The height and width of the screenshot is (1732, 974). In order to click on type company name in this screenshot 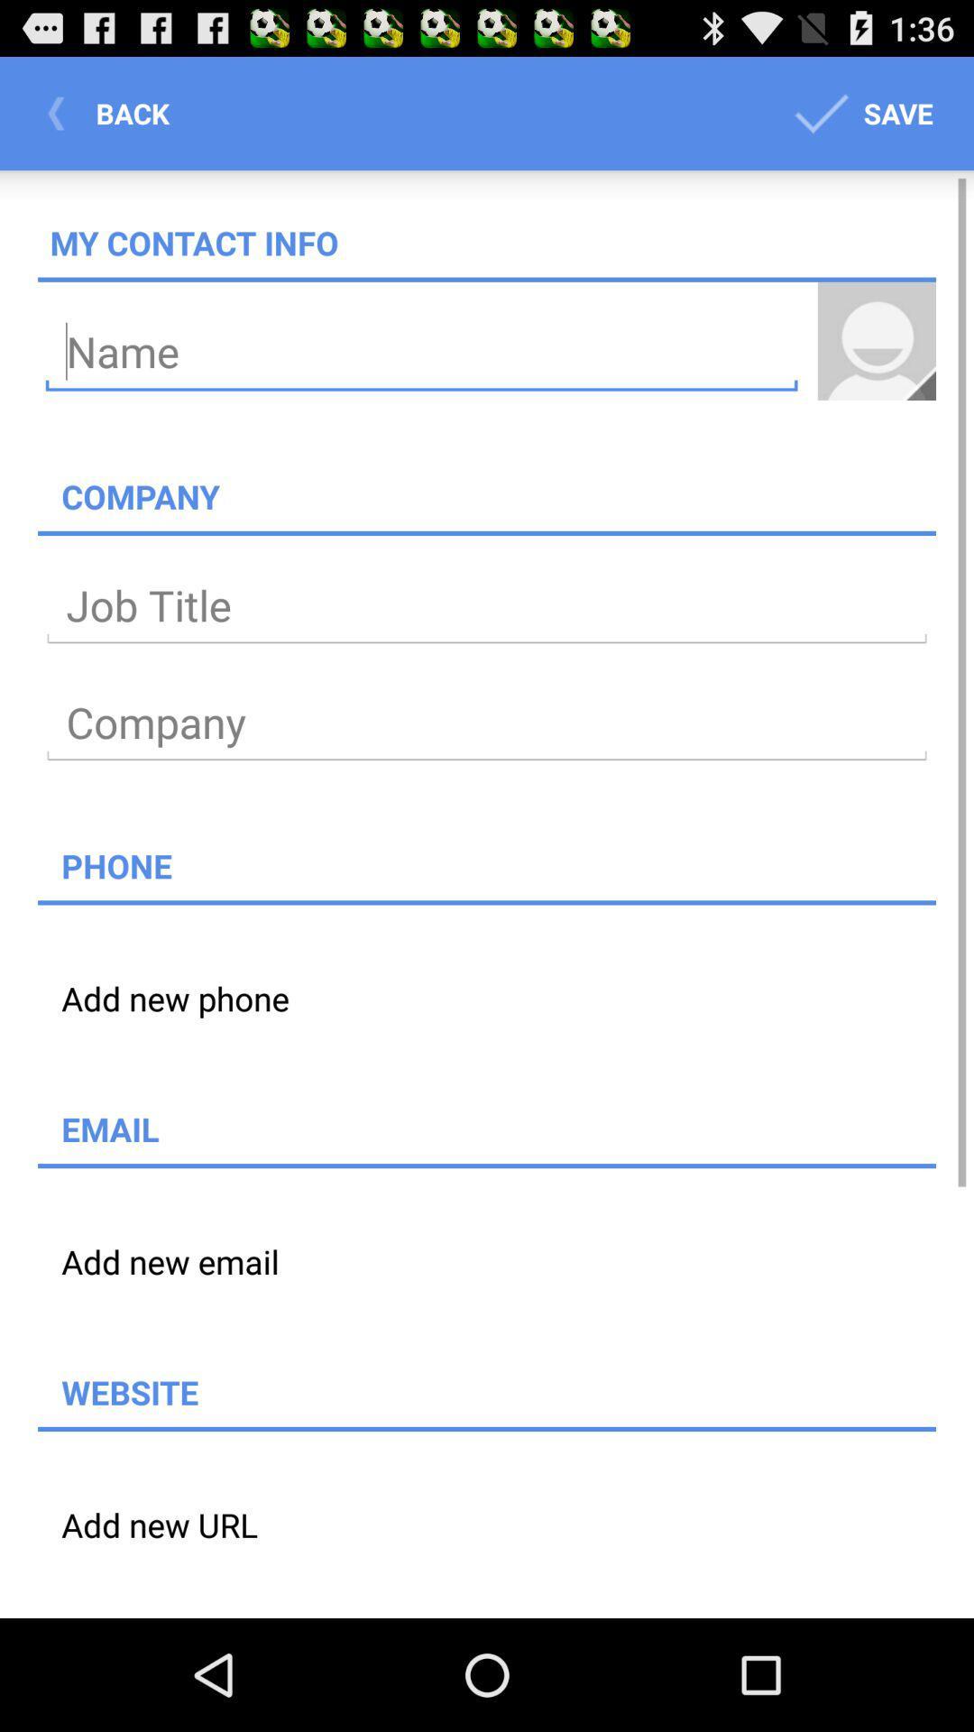, I will do `click(487, 723)`.